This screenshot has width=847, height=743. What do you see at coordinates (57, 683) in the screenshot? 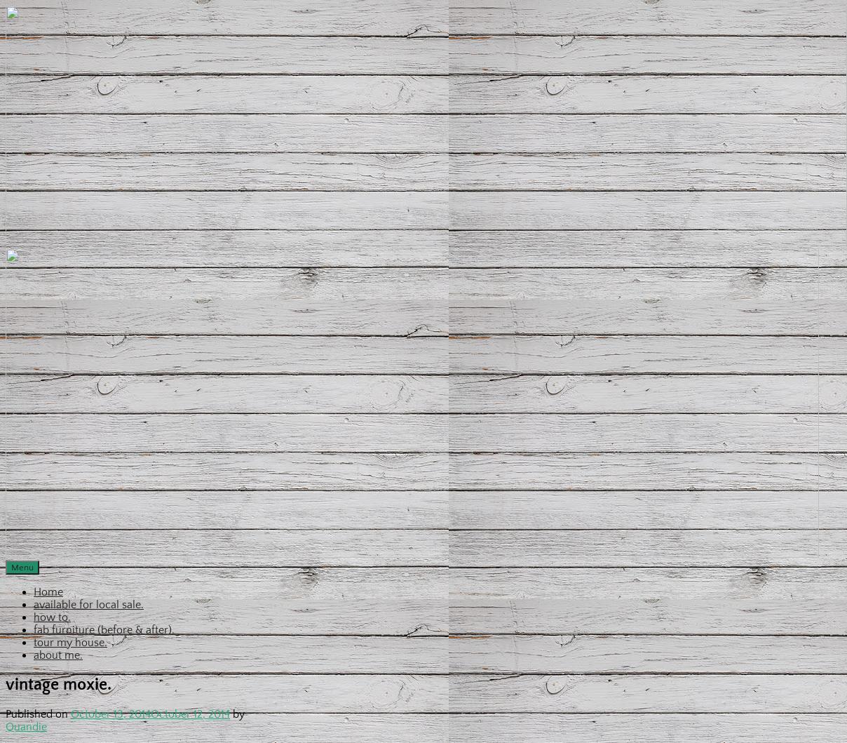
I see `'vintage moxie.'` at bounding box center [57, 683].